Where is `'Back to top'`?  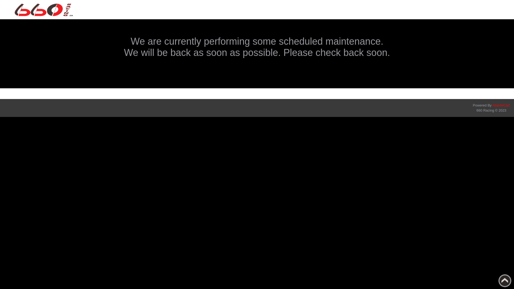 'Back to top' is located at coordinates (505, 280).